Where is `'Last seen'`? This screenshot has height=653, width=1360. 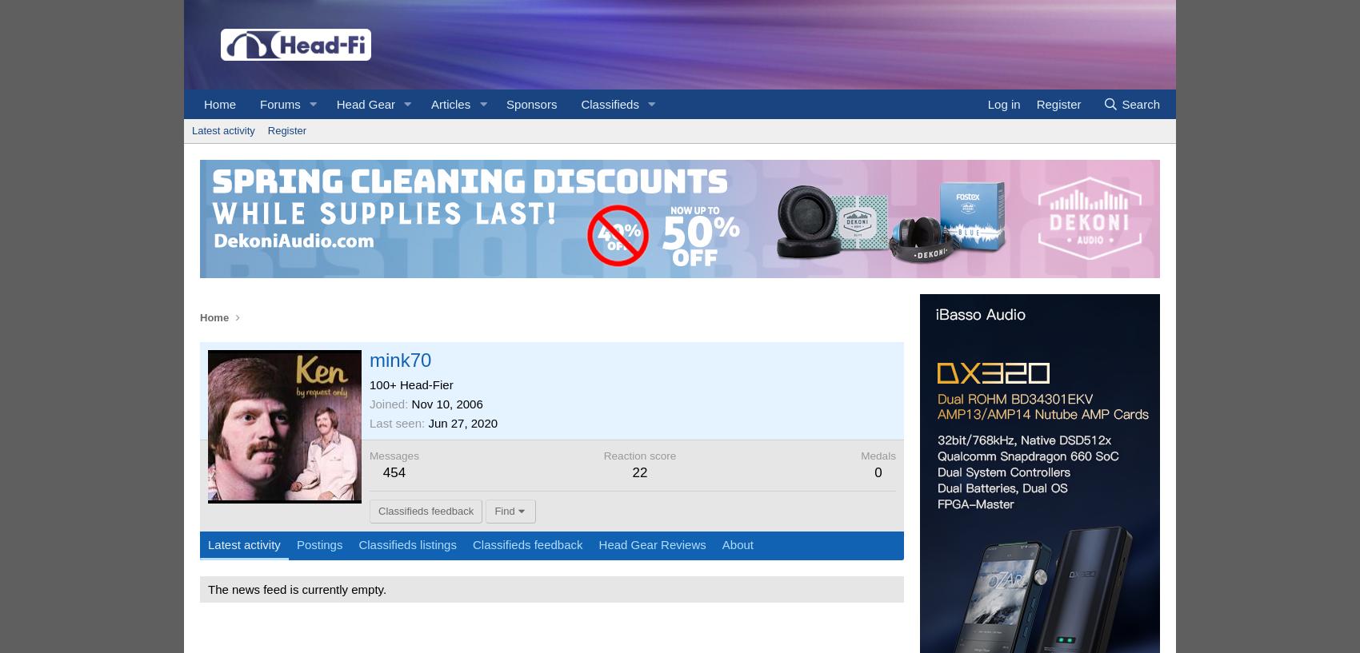
'Last seen' is located at coordinates (395, 421).